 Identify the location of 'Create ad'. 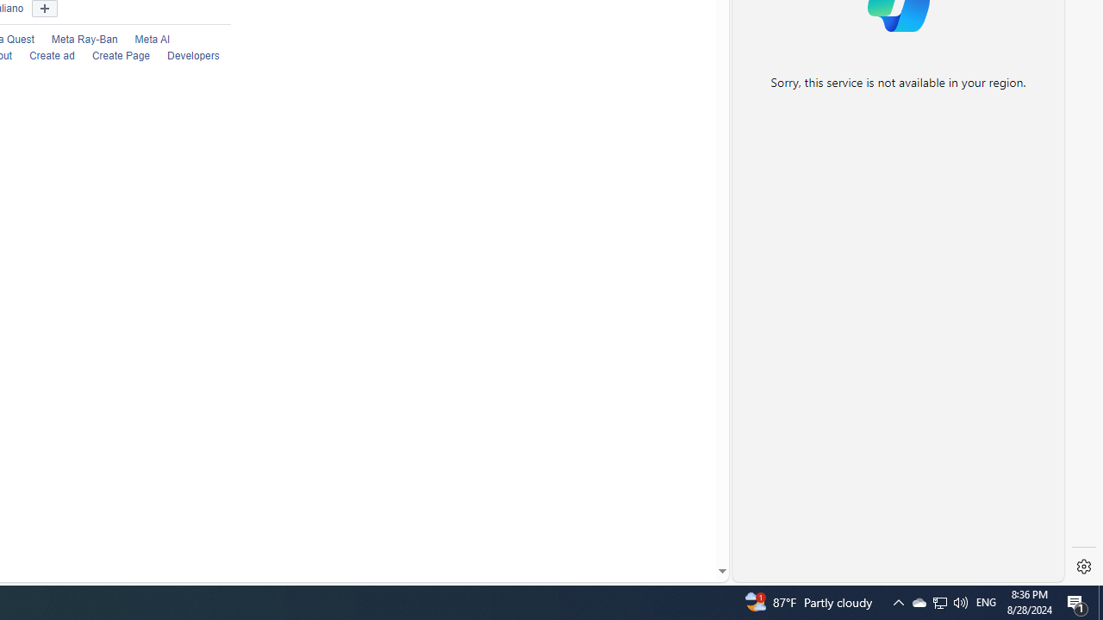
(42, 56).